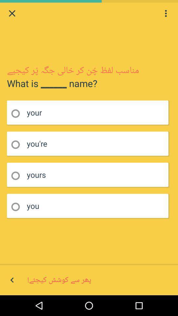 This screenshot has width=178, height=316. I want to click on option, so click(17, 175).